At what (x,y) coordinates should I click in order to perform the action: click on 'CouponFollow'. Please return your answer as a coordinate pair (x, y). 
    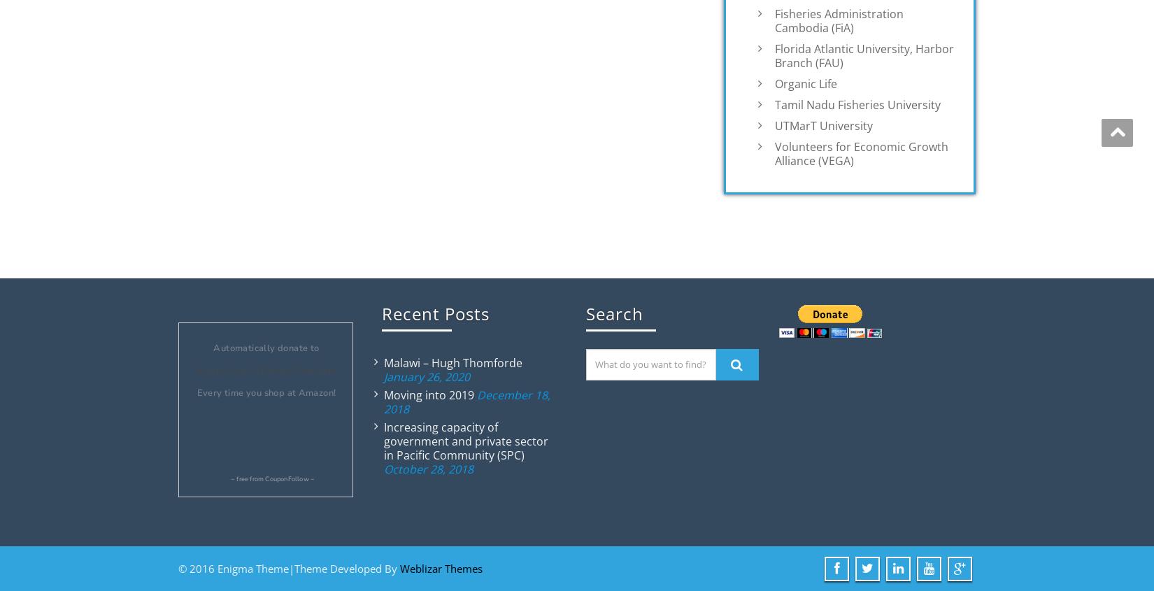
    Looking at the image, I should click on (287, 478).